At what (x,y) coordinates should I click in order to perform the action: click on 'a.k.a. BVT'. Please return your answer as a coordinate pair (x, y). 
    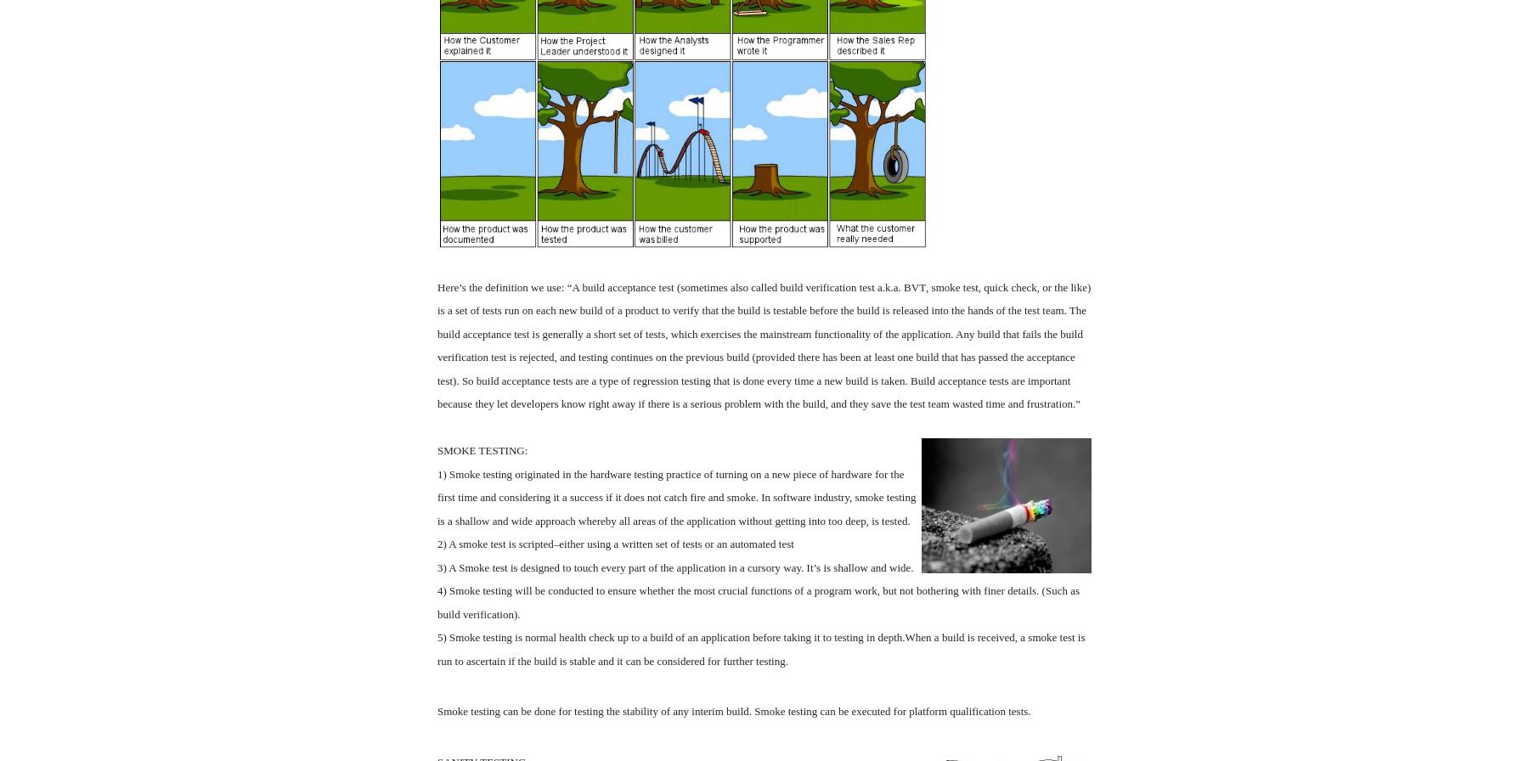
    Looking at the image, I should click on (900, 286).